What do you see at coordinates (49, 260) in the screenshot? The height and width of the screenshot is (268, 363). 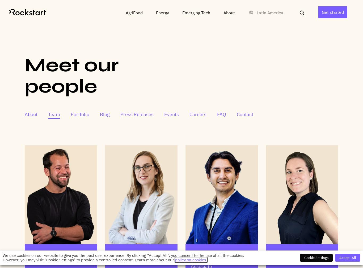 I see `'CEO & Co-founder'` at bounding box center [49, 260].